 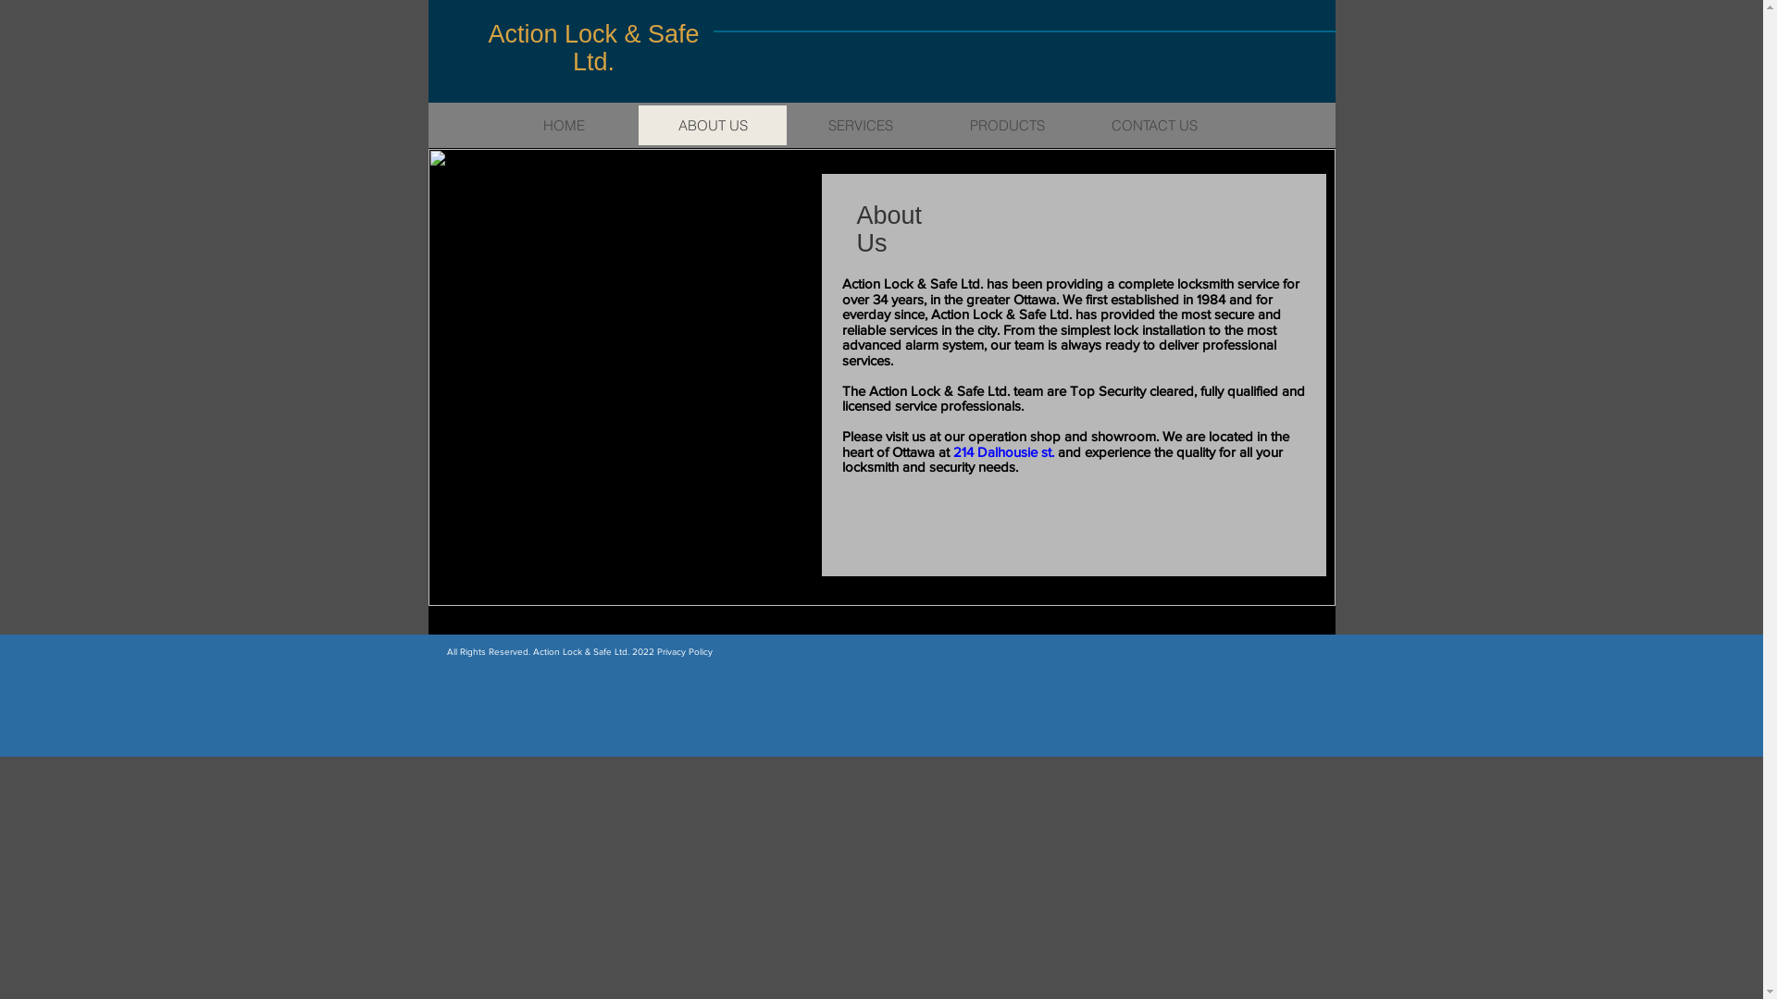 What do you see at coordinates (1153, 125) in the screenshot?
I see `'CONTACT US'` at bounding box center [1153, 125].